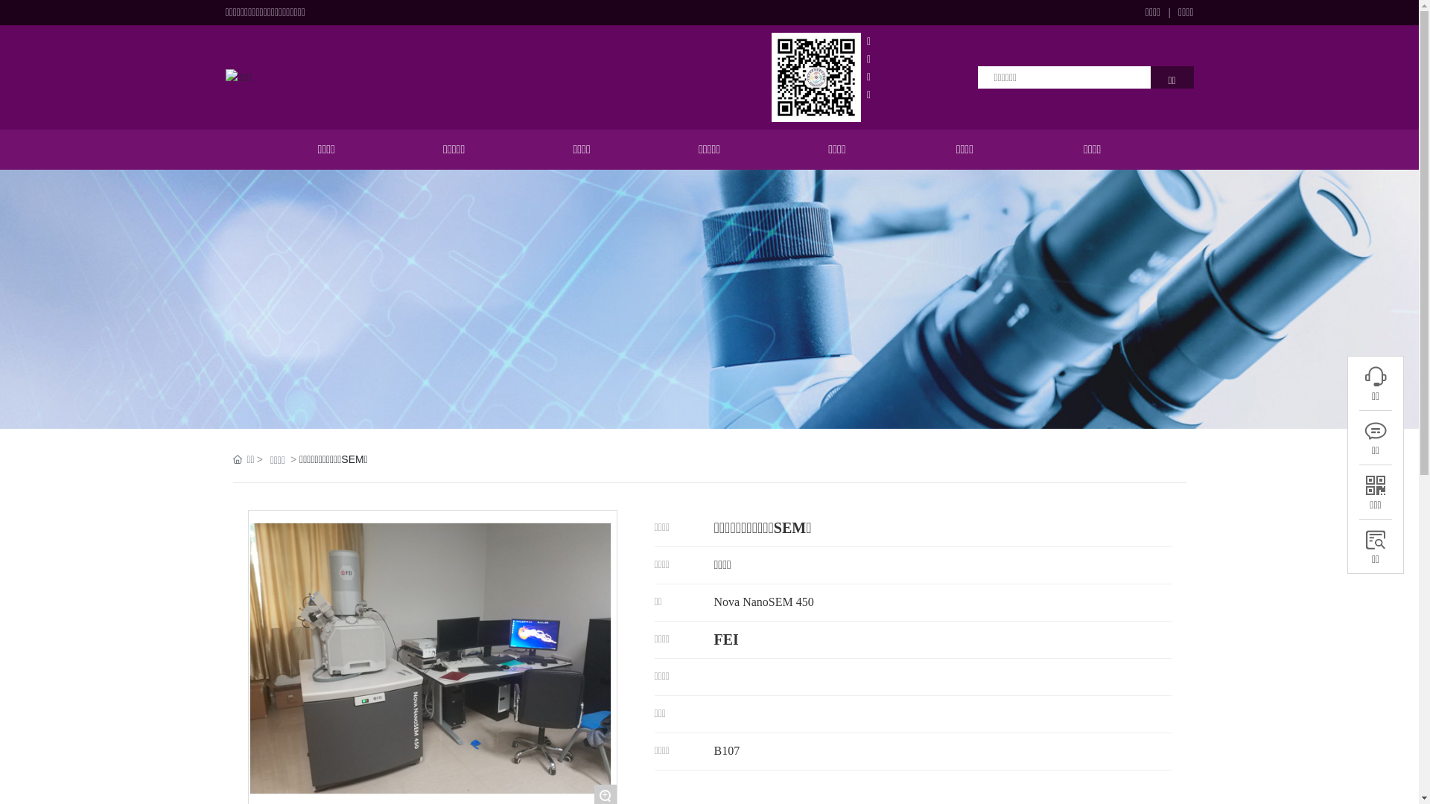  I want to click on '112', so click(1375, 375).